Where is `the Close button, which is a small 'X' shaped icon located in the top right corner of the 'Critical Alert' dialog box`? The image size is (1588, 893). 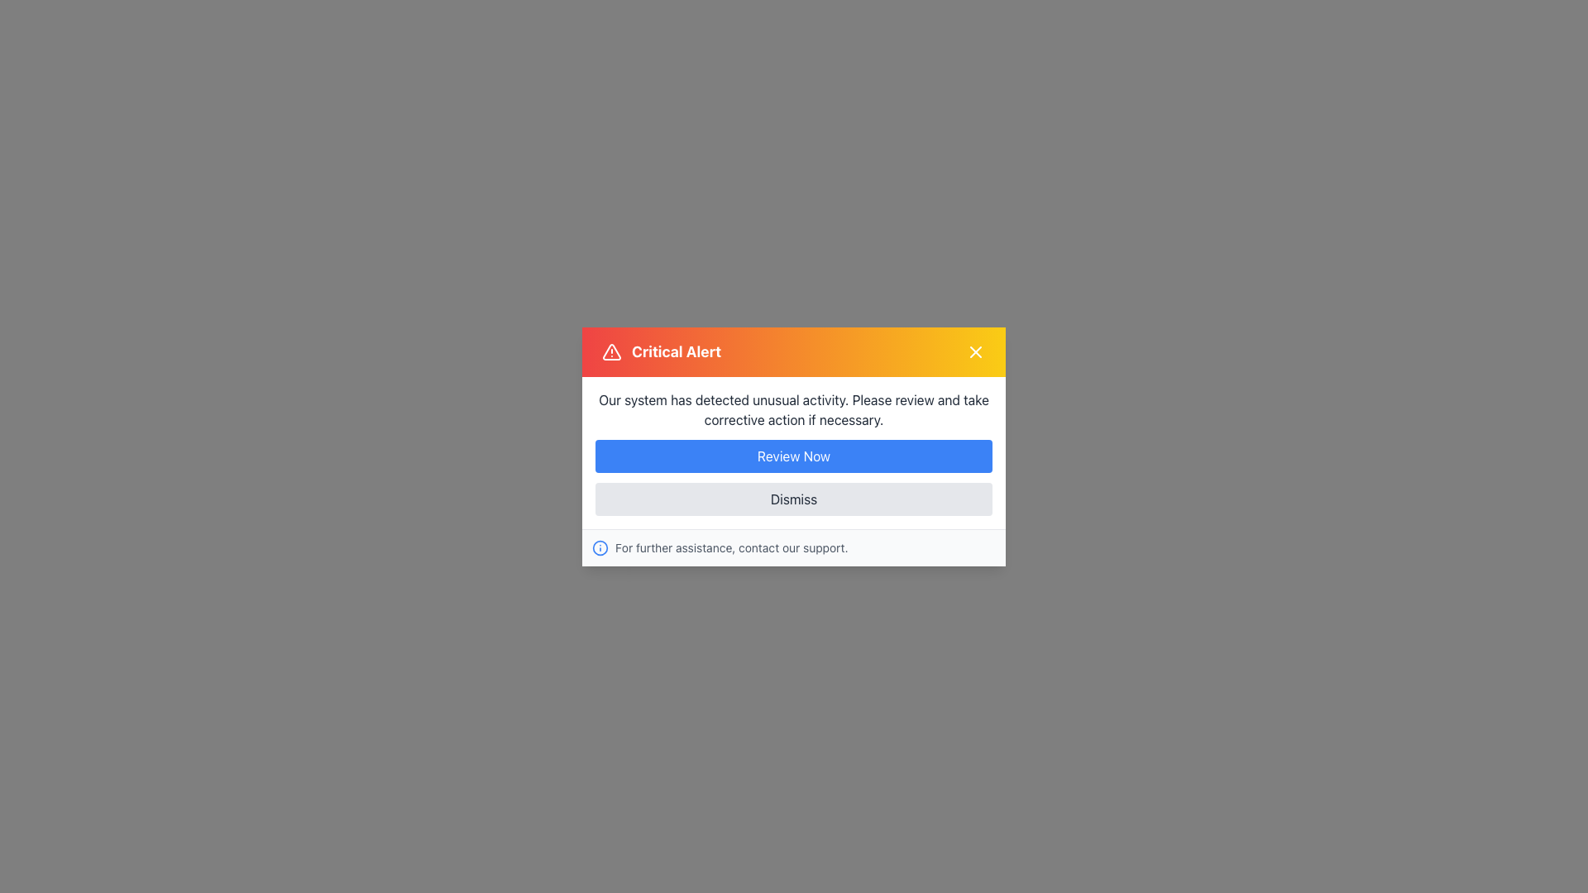 the Close button, which is a small 'X' shaped icon located in the top right corner of the 'Critical Alert' dialog box is located at coordinates (976, 350).